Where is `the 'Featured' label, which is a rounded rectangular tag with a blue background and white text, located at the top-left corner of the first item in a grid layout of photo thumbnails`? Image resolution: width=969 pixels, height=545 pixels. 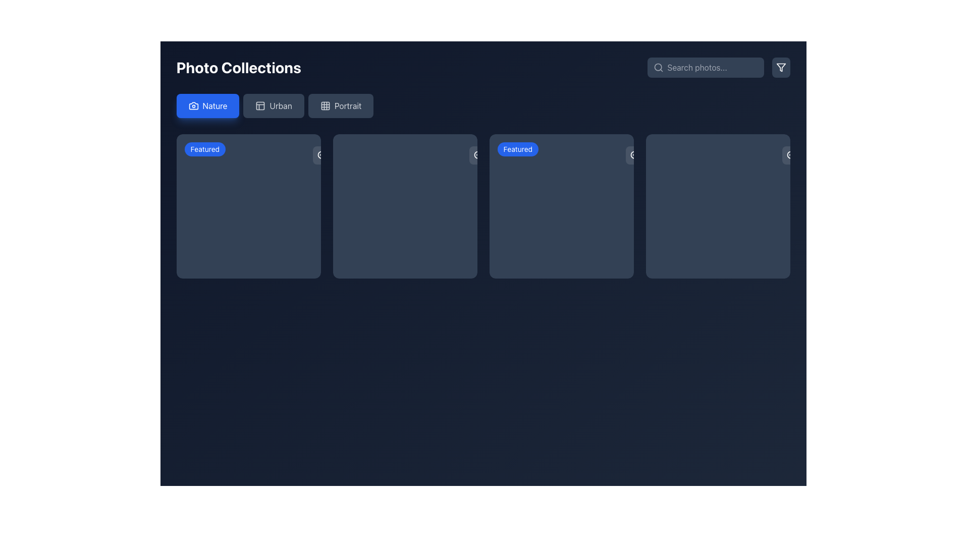 the 'Featured' label, which is a rounded rectangular tag with a blue background and white text, located at the top-left corner of the first item in a grid layout of photo thumbnails is located at coordinates (204, 149).